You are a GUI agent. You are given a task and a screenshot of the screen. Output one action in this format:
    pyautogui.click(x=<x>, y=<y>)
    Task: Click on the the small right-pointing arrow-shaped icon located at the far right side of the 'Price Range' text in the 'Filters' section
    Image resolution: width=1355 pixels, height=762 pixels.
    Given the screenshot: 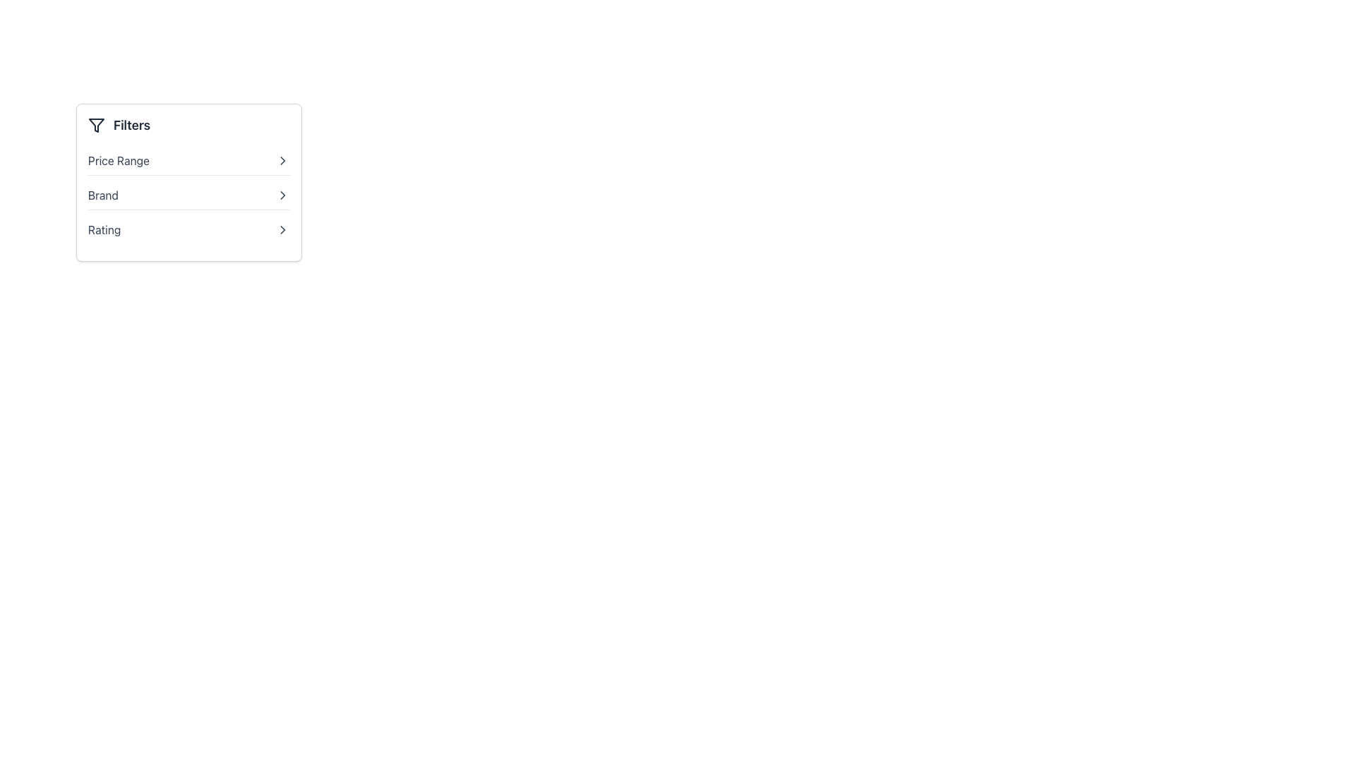 What is the action you would take?
    pyautogui.click(x=282, y=159)
    